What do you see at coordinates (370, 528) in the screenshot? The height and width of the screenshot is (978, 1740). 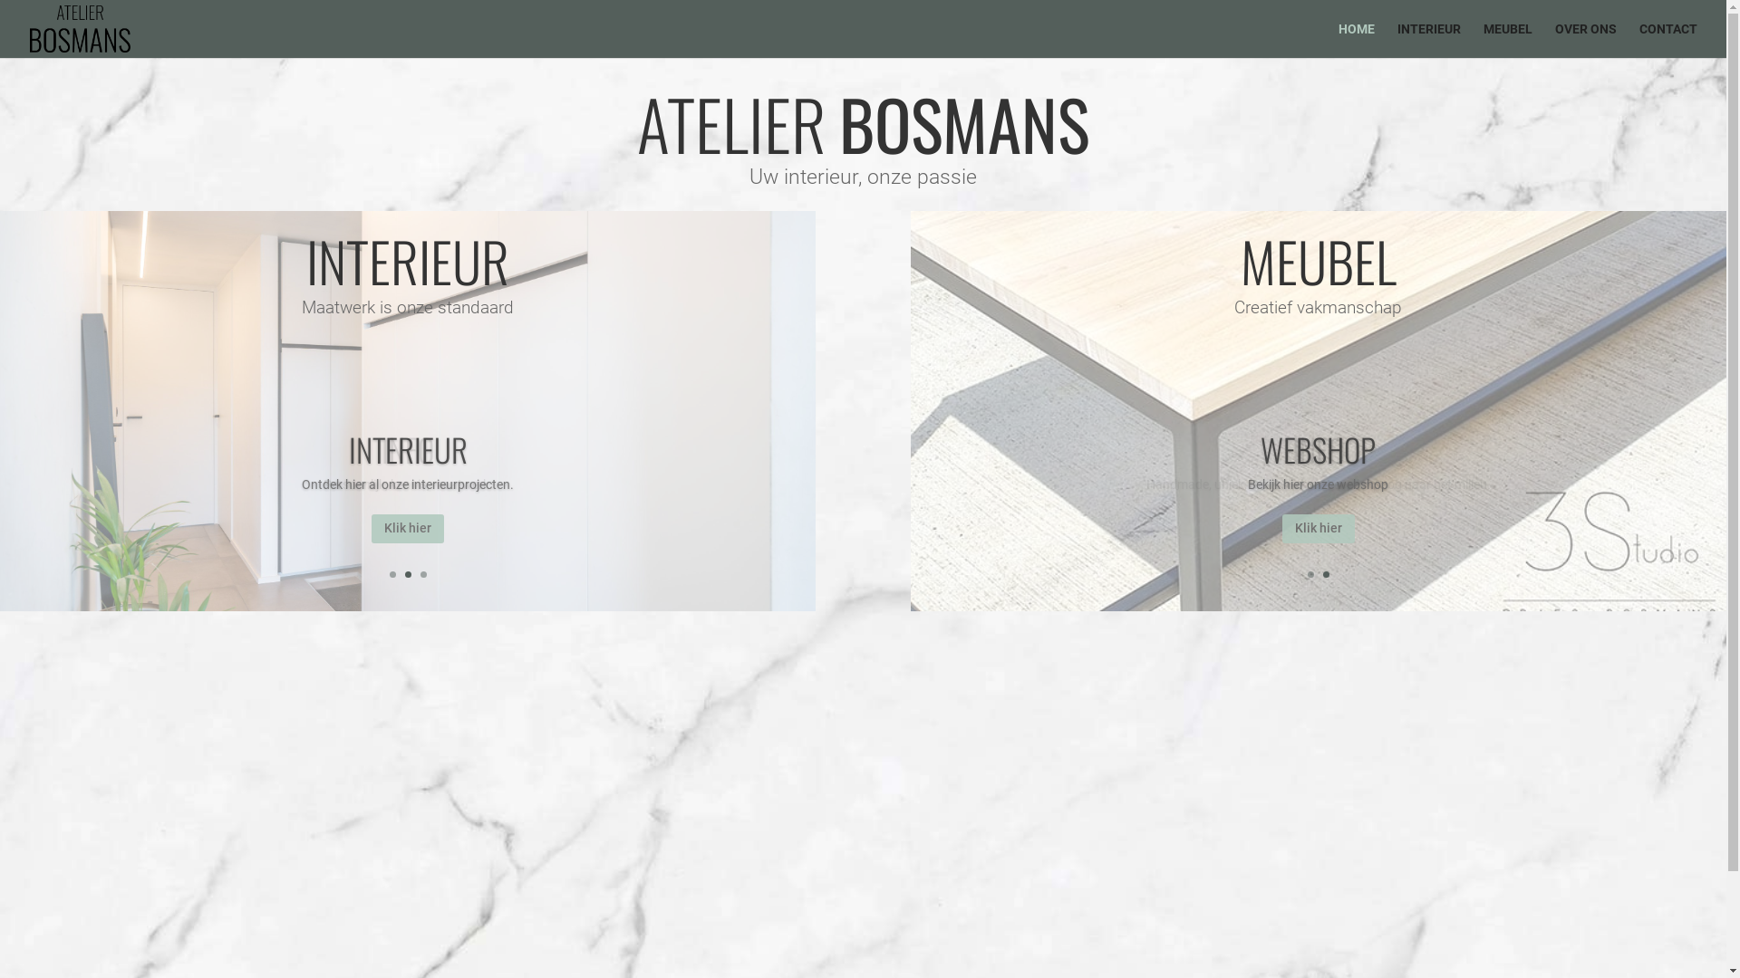 I see `'Klik hier'` at bounding box center [370, 528].